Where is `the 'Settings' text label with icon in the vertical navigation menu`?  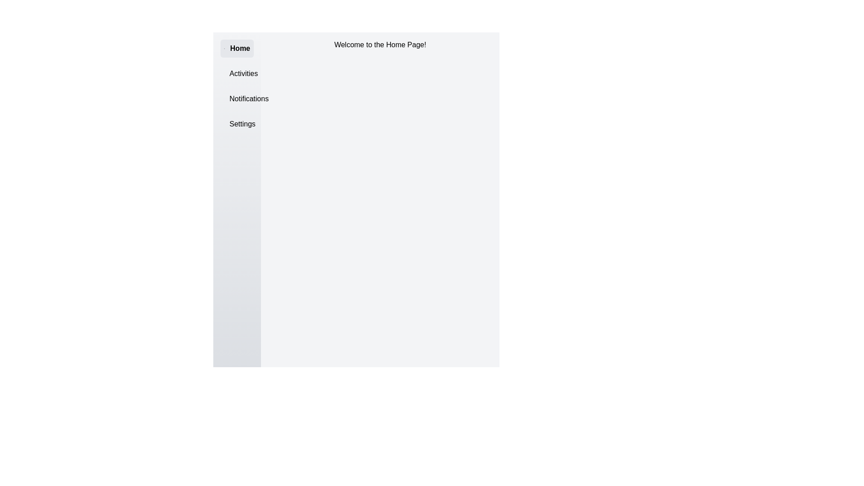 the 'Settings' text label with icon in the vertical navigation menu is located at coordinates (237, 124).